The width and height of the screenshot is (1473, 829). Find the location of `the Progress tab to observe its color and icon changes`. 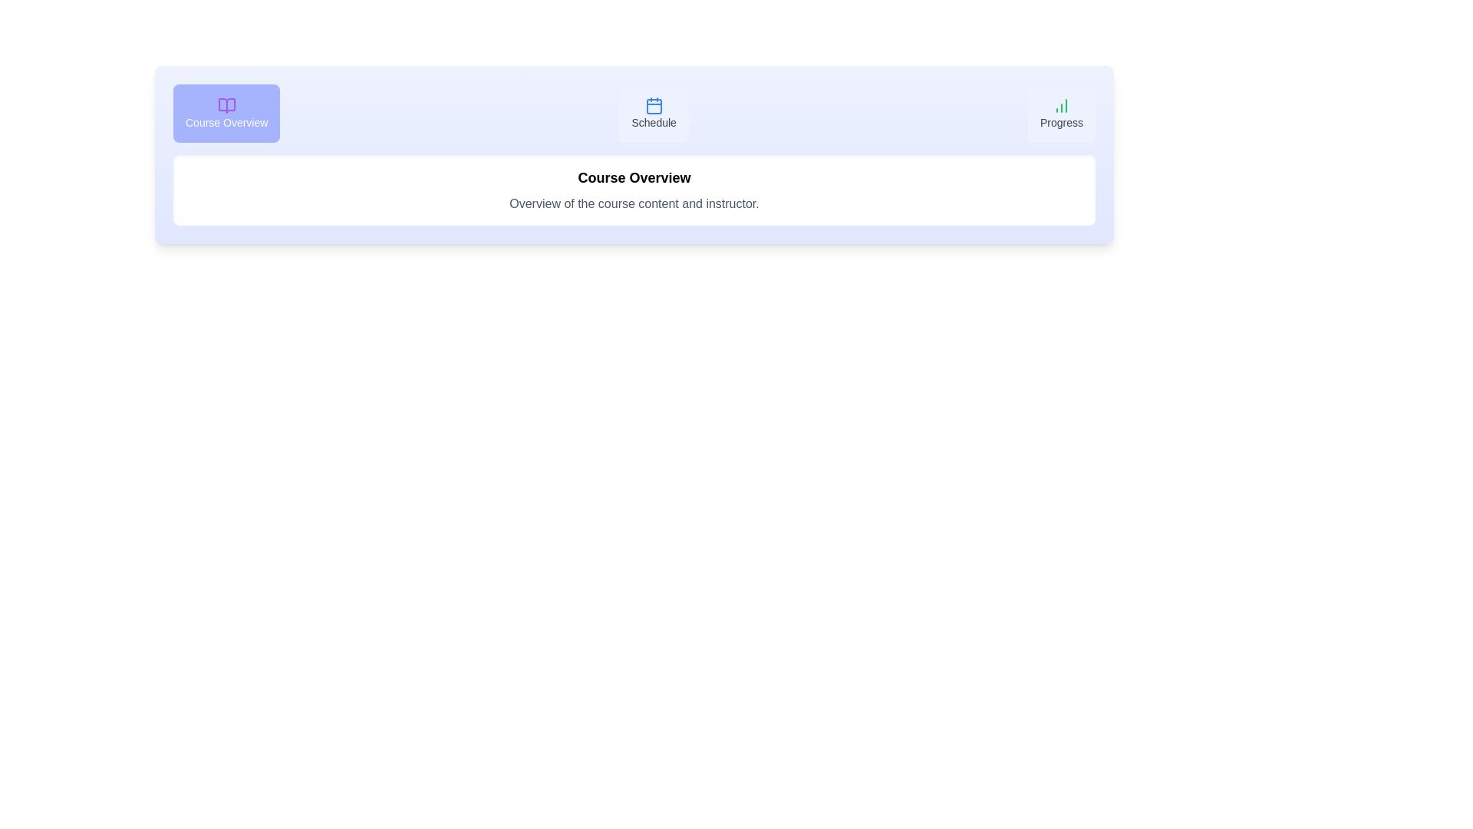

the Progress tab to observe its color and icon changes is located at coordinates (1059, 112).